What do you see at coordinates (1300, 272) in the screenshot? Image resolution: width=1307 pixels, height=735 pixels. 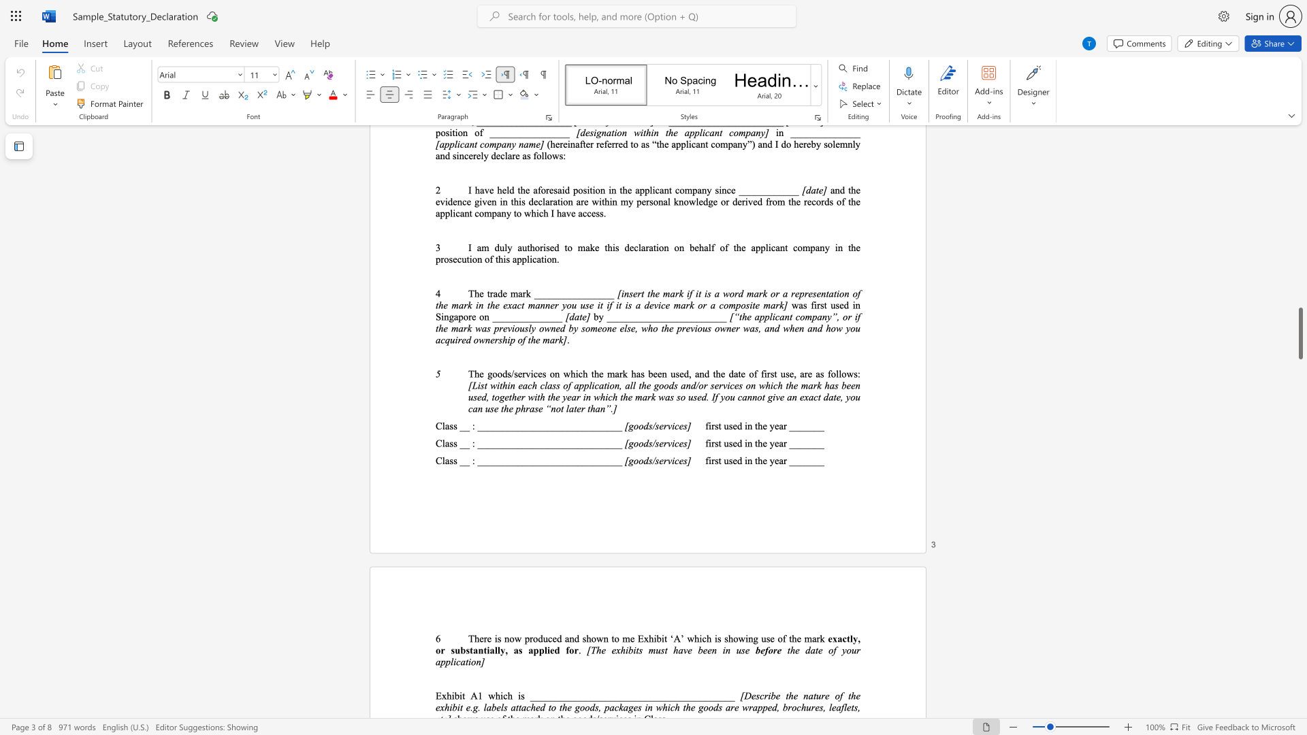 I see `the scrollbar to scroll the page up` at bounding box center [1300, 272].